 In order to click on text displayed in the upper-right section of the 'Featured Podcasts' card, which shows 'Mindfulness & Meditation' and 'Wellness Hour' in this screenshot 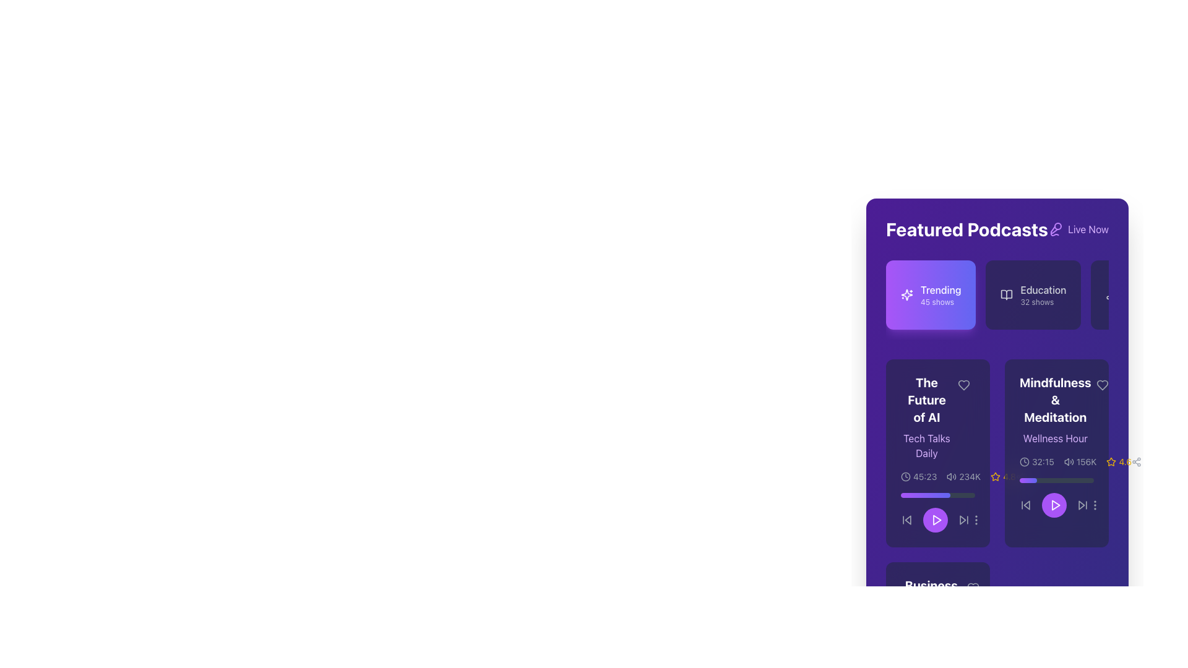, I will do `click(1056, 410)`.